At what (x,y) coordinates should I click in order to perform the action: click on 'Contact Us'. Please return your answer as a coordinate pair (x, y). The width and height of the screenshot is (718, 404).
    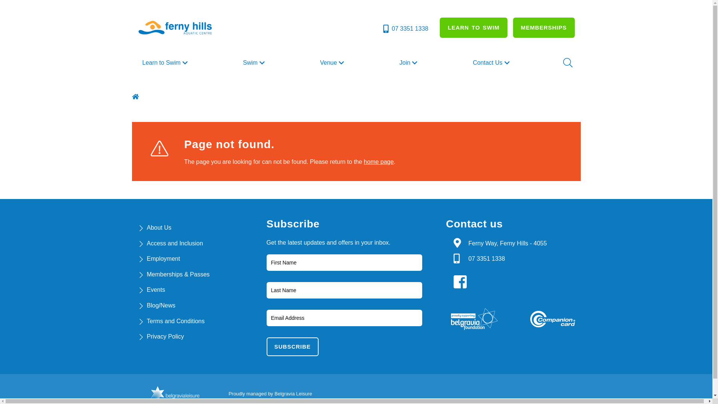
    Looking at the image, I should click on (492, 62).